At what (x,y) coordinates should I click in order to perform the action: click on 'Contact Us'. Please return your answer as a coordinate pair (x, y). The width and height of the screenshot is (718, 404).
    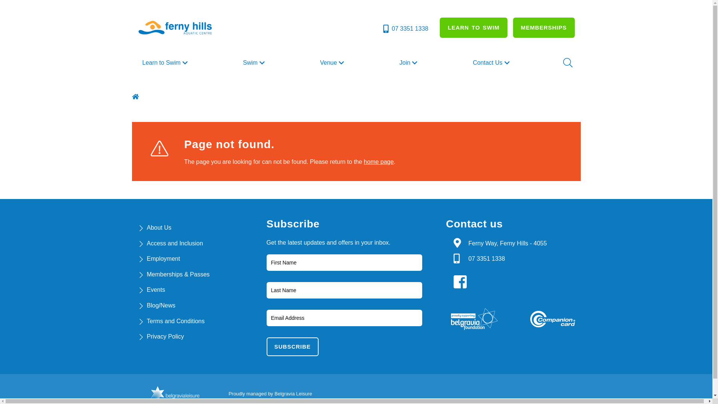
    Looking at the image, I should click on (492, 62).